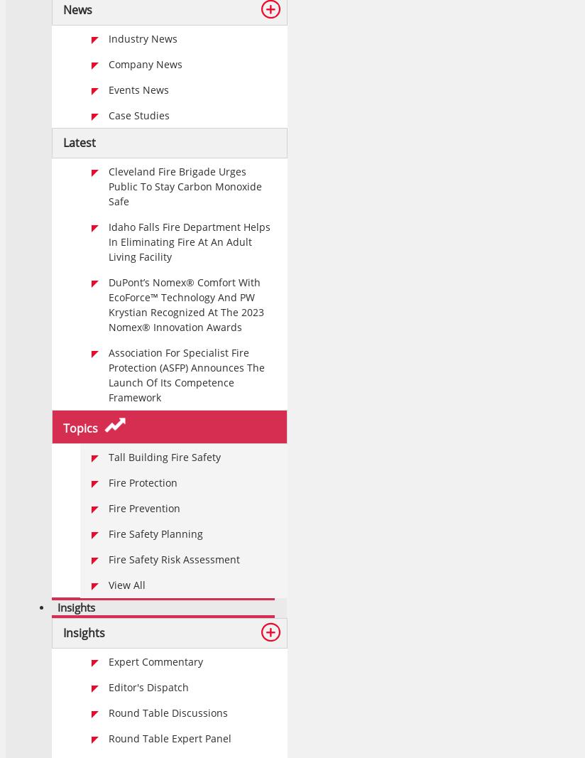 The image size is (585, 758). I want to click on 'Association For Specialist Fire Protection (ASFP) Announces The Launch Of Its Competence Framework', so click(108, 374).